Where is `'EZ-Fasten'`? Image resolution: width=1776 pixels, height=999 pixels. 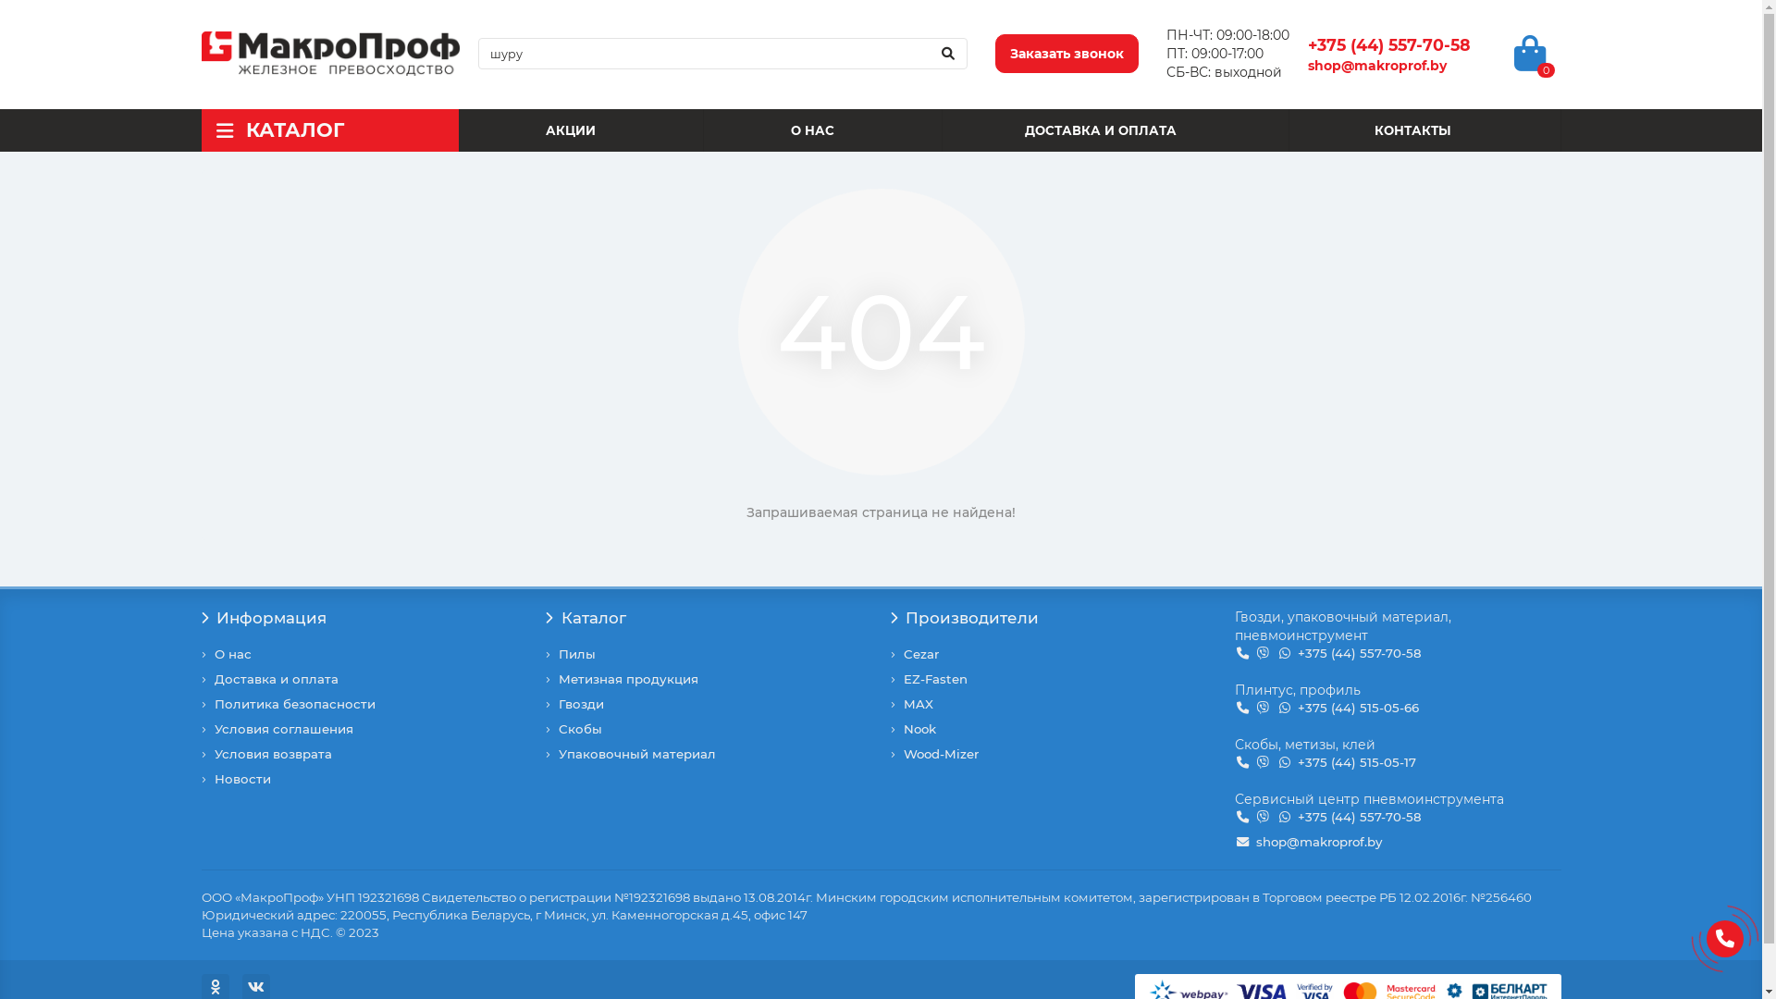 'EZ-Fasten' is located at coordinates (934, 679).